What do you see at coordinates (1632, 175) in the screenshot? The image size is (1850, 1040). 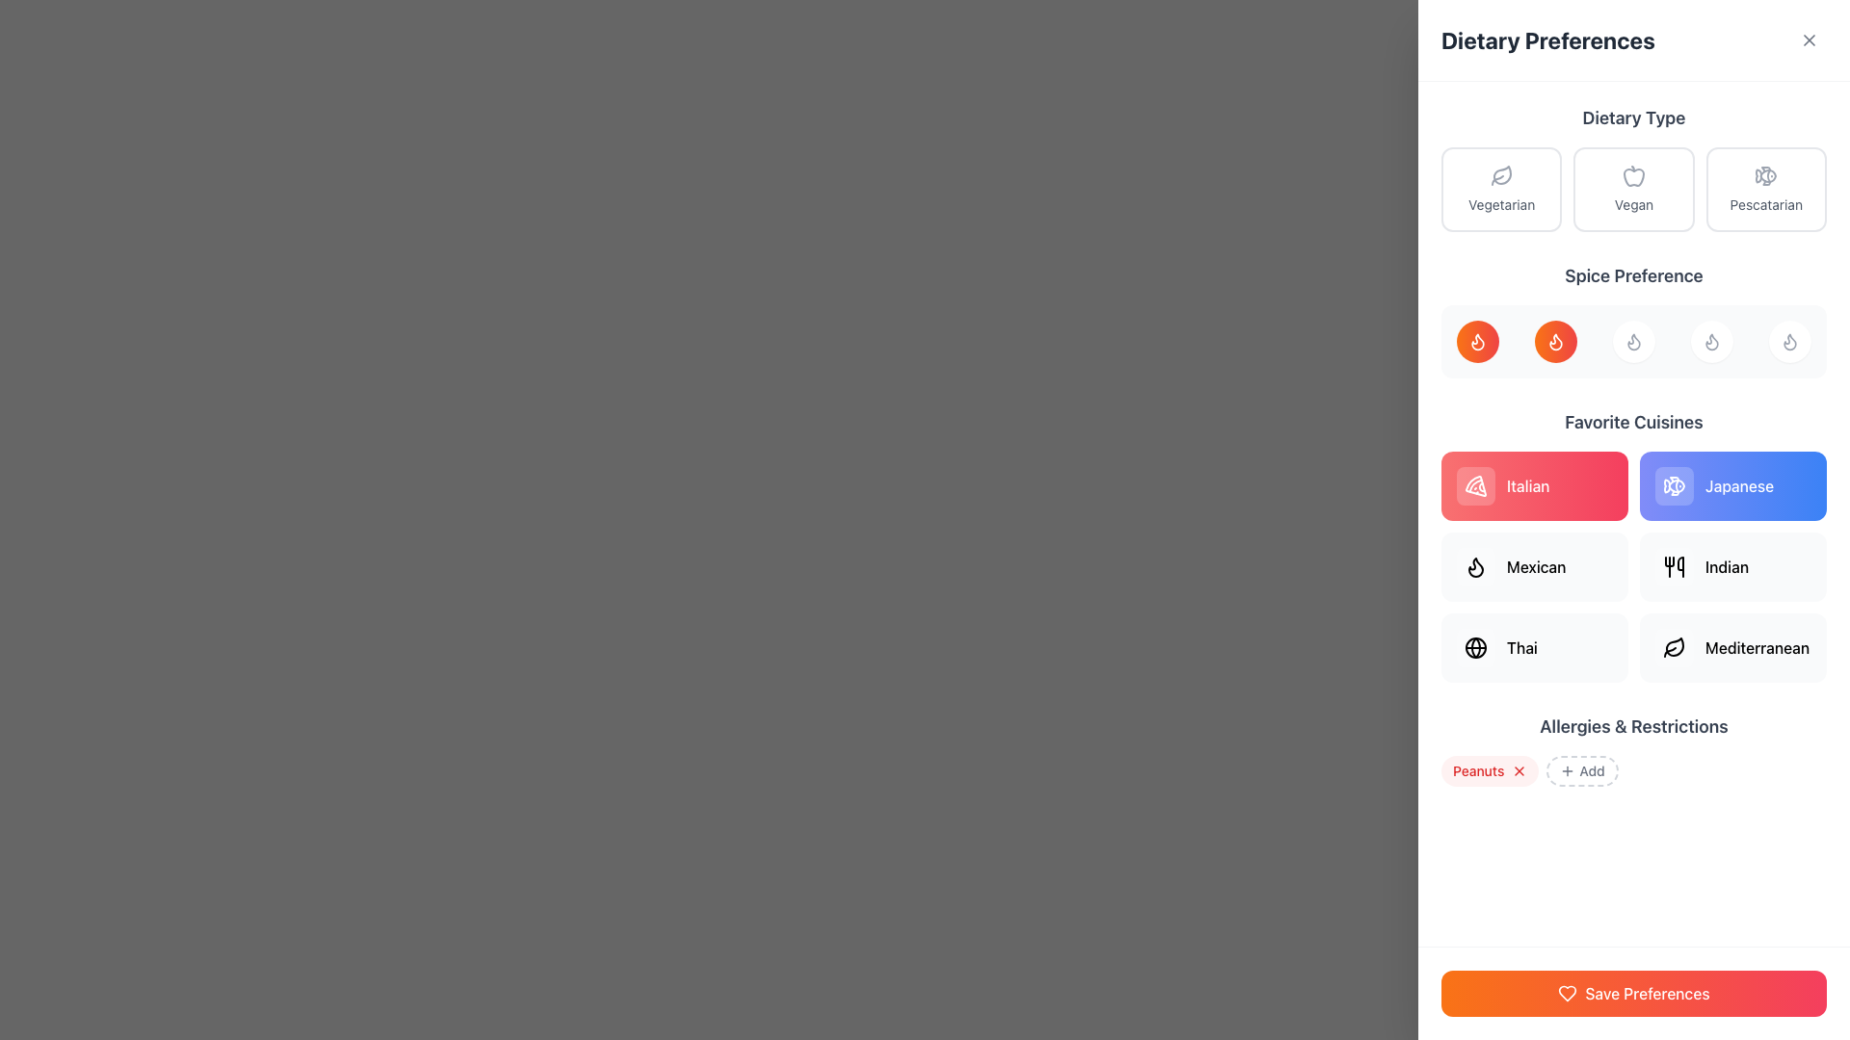 I see `the 'Vegan' dietary type icon located above the text label 'vegan' in the 'Dietary Preferences' panel` at bounding box center [1632, 175].